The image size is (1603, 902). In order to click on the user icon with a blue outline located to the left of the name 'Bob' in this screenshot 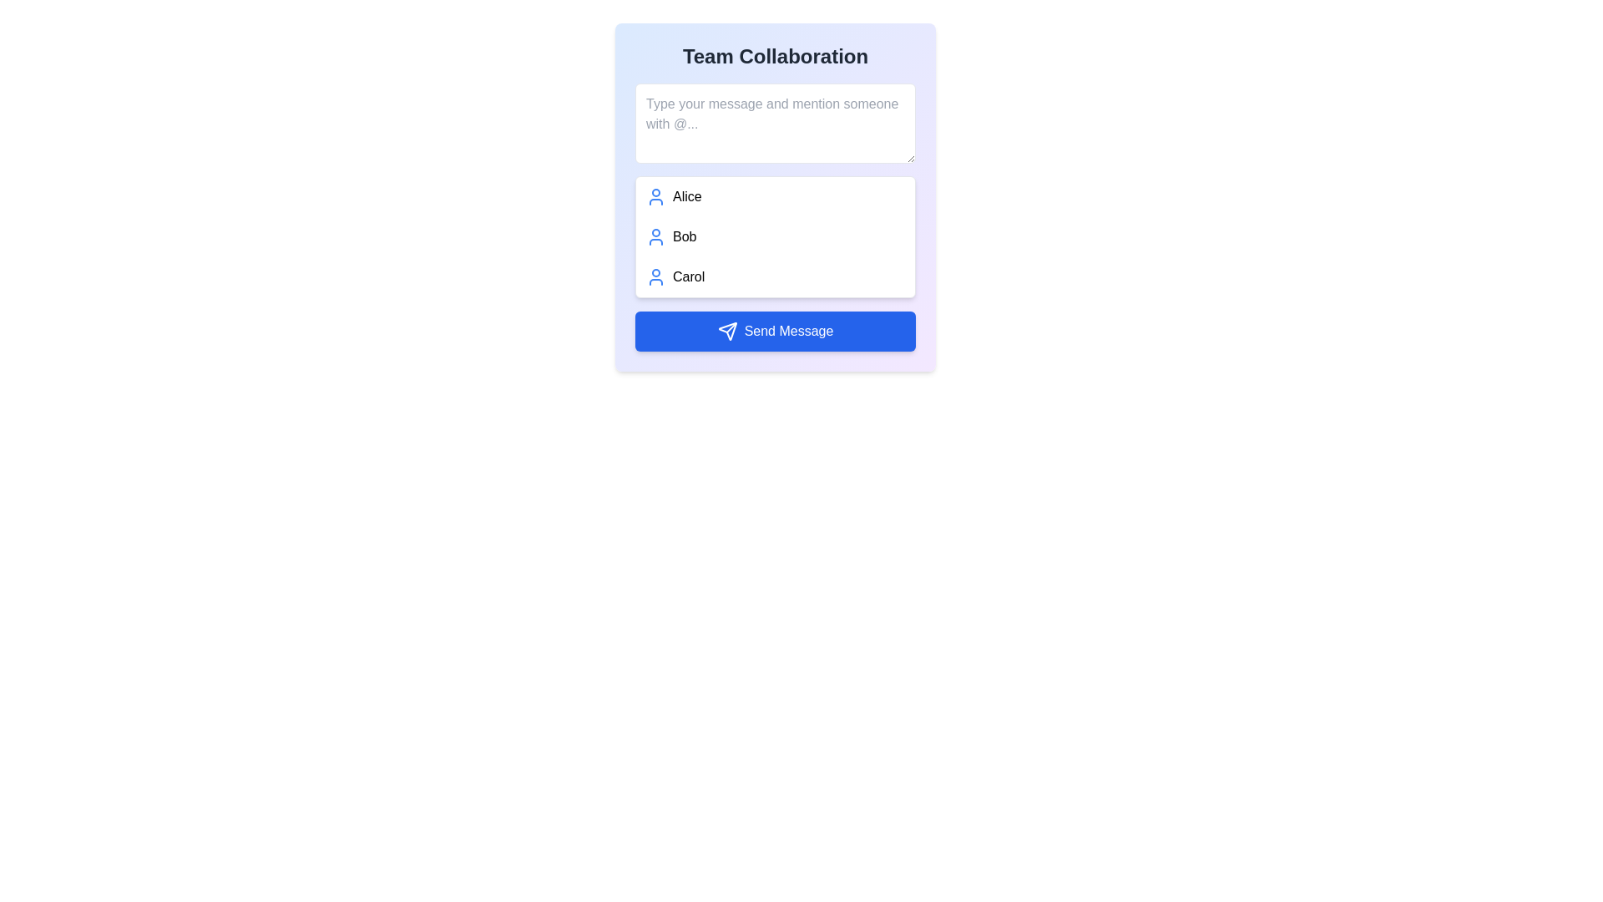, I will do `click(655, 237)`.